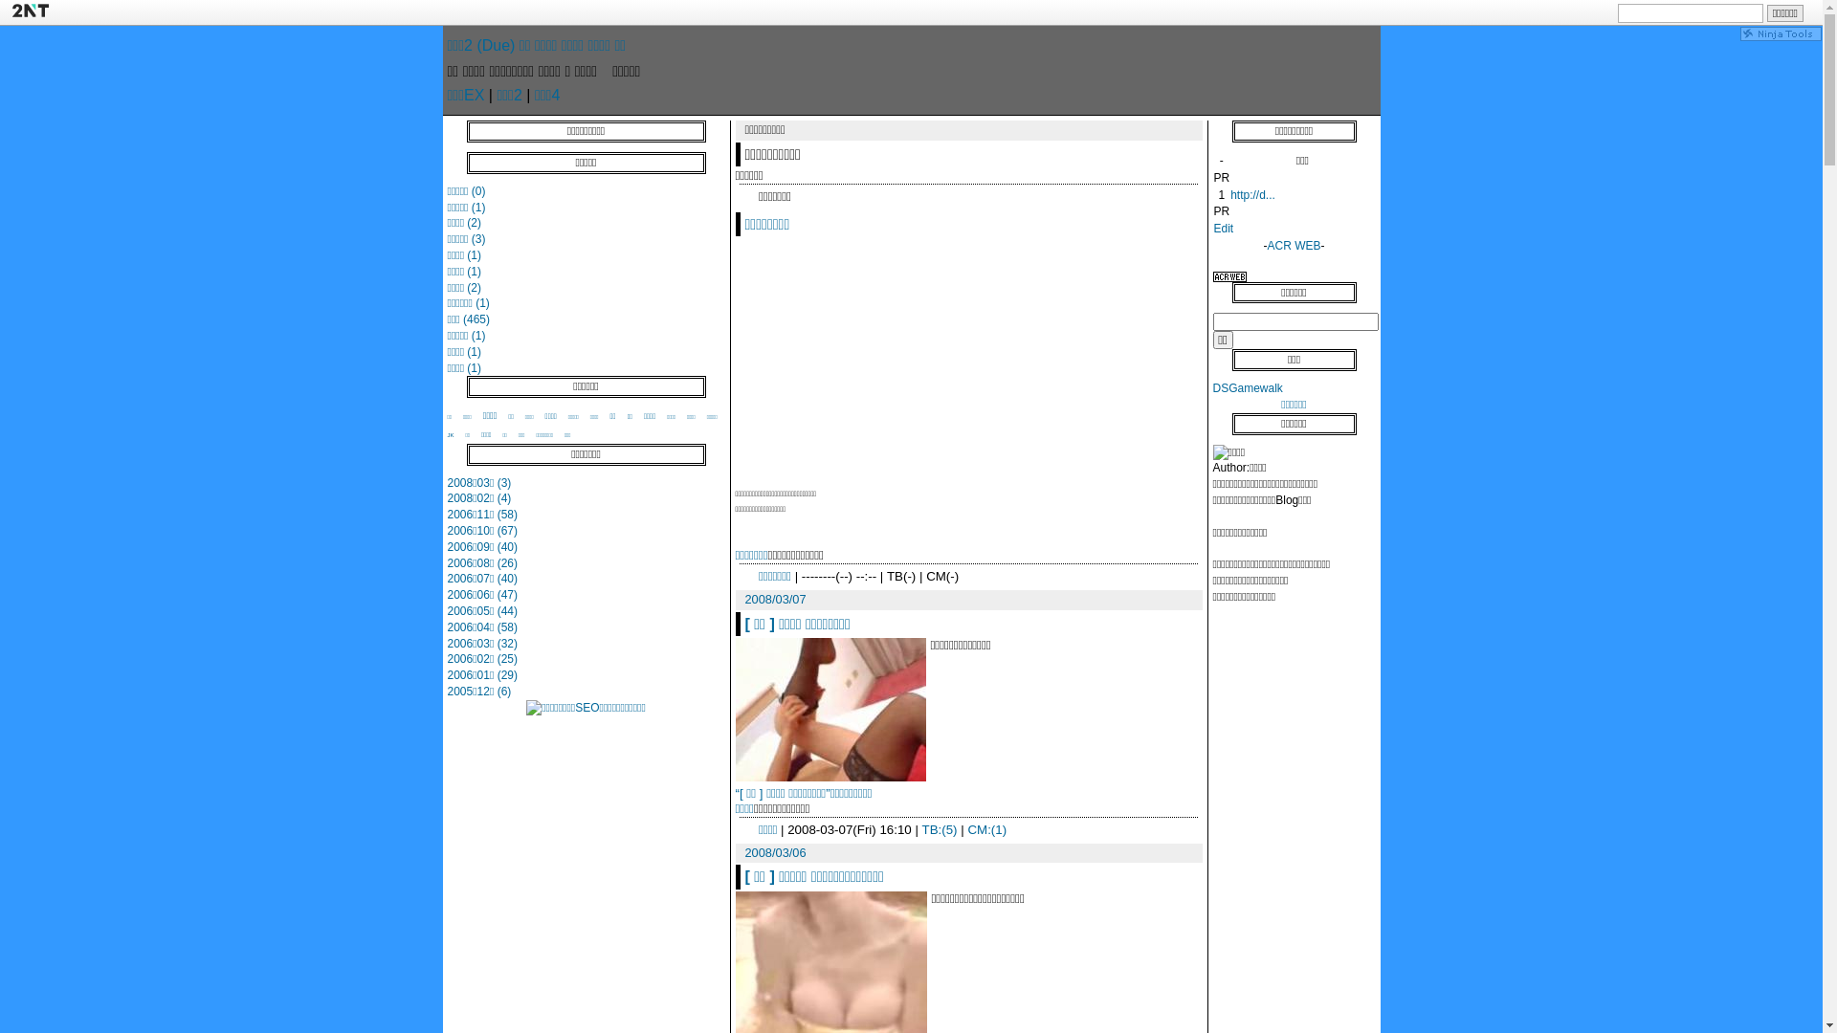  Describe the element at coordinates (967, 828) in the screenshot. I see `'CM:(1)'` at that location.